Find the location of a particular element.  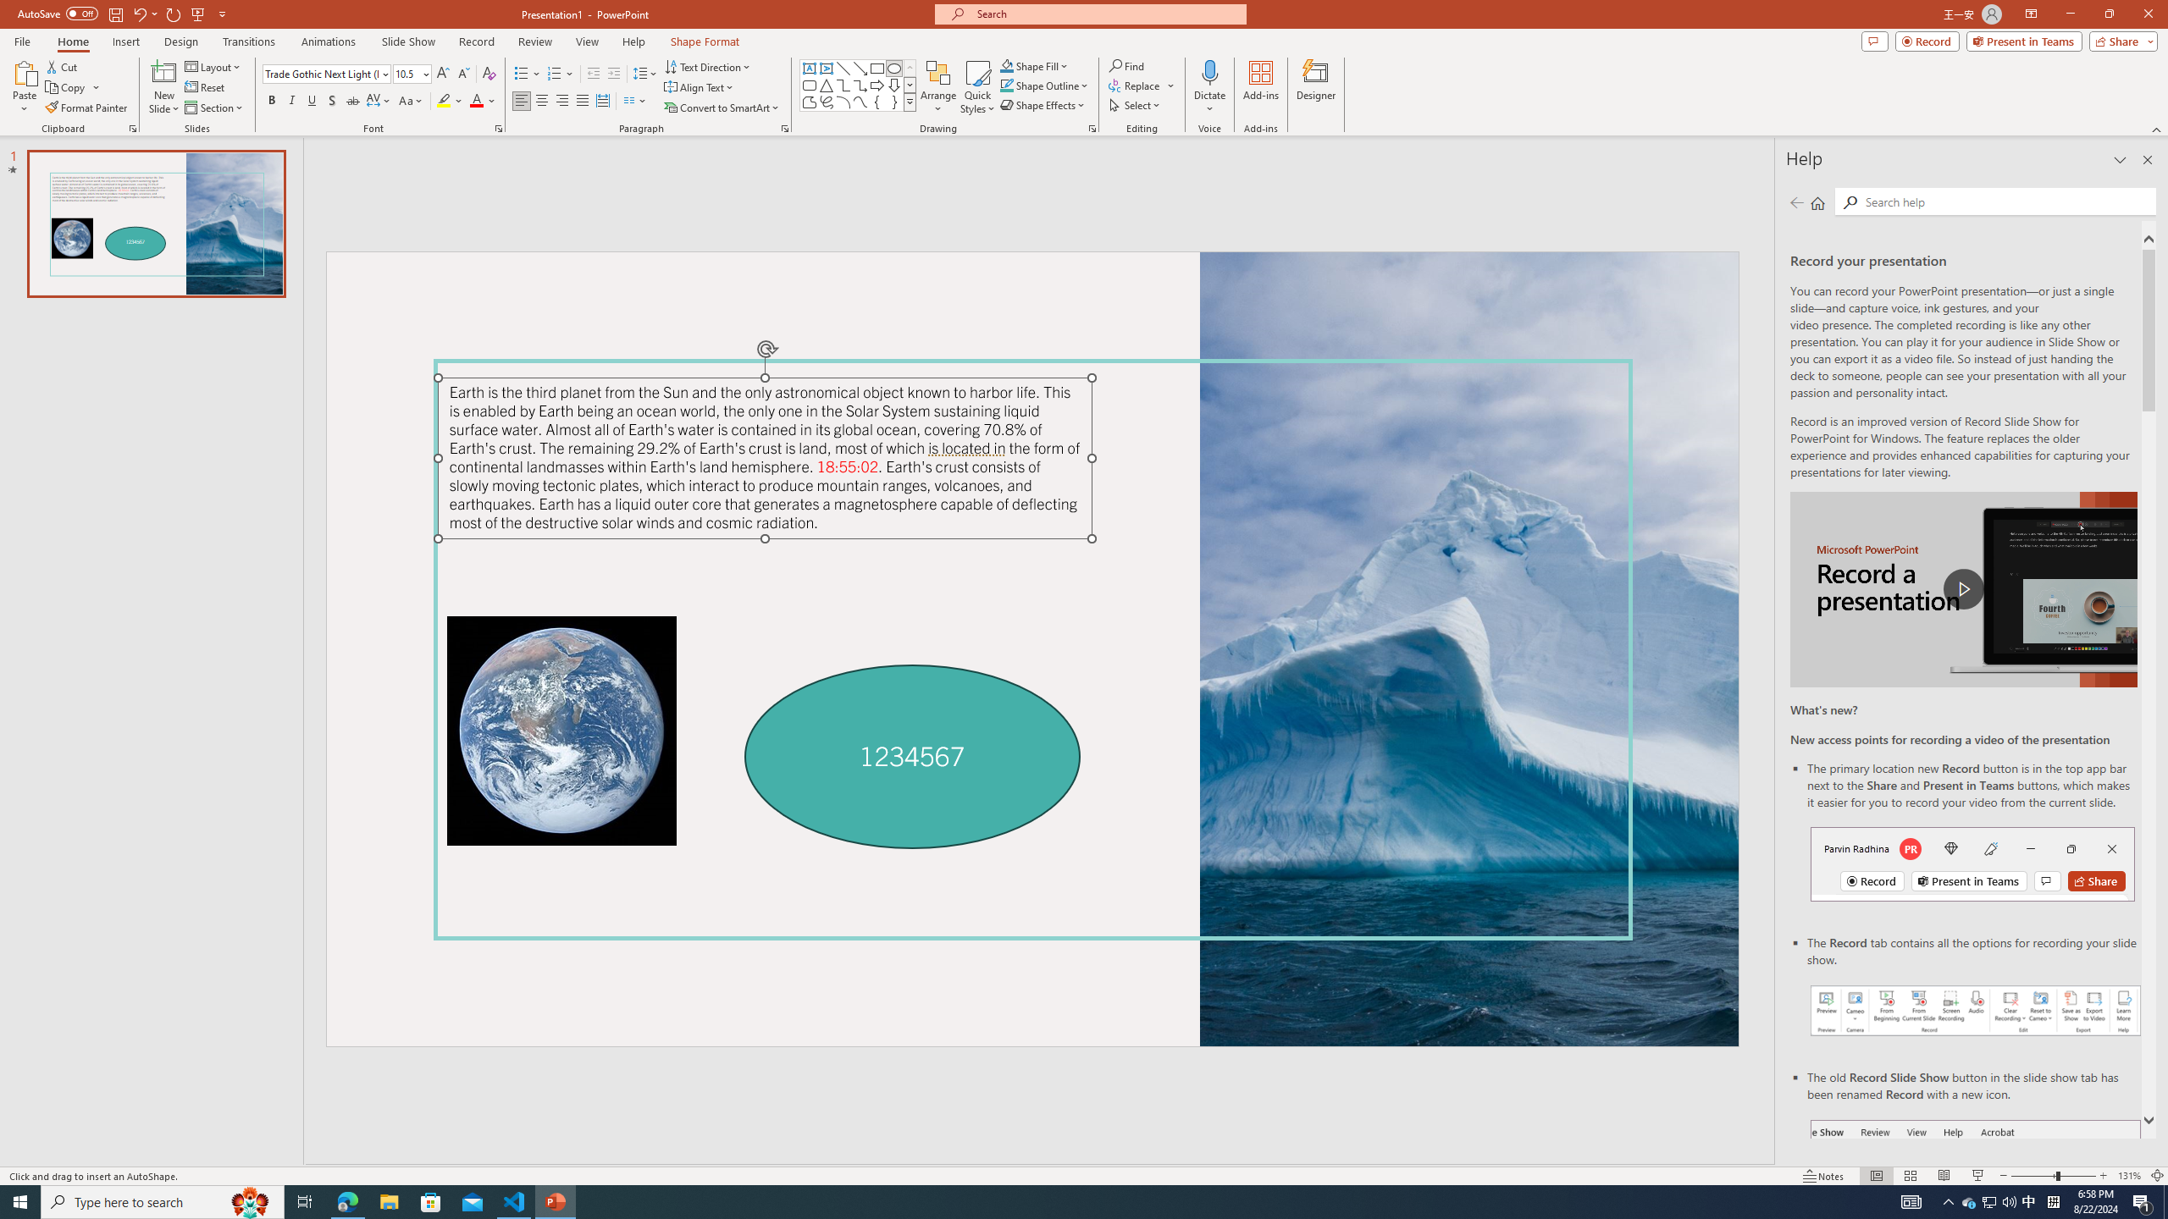

'Decrease Font Size' is located at coordinates (462, 74).